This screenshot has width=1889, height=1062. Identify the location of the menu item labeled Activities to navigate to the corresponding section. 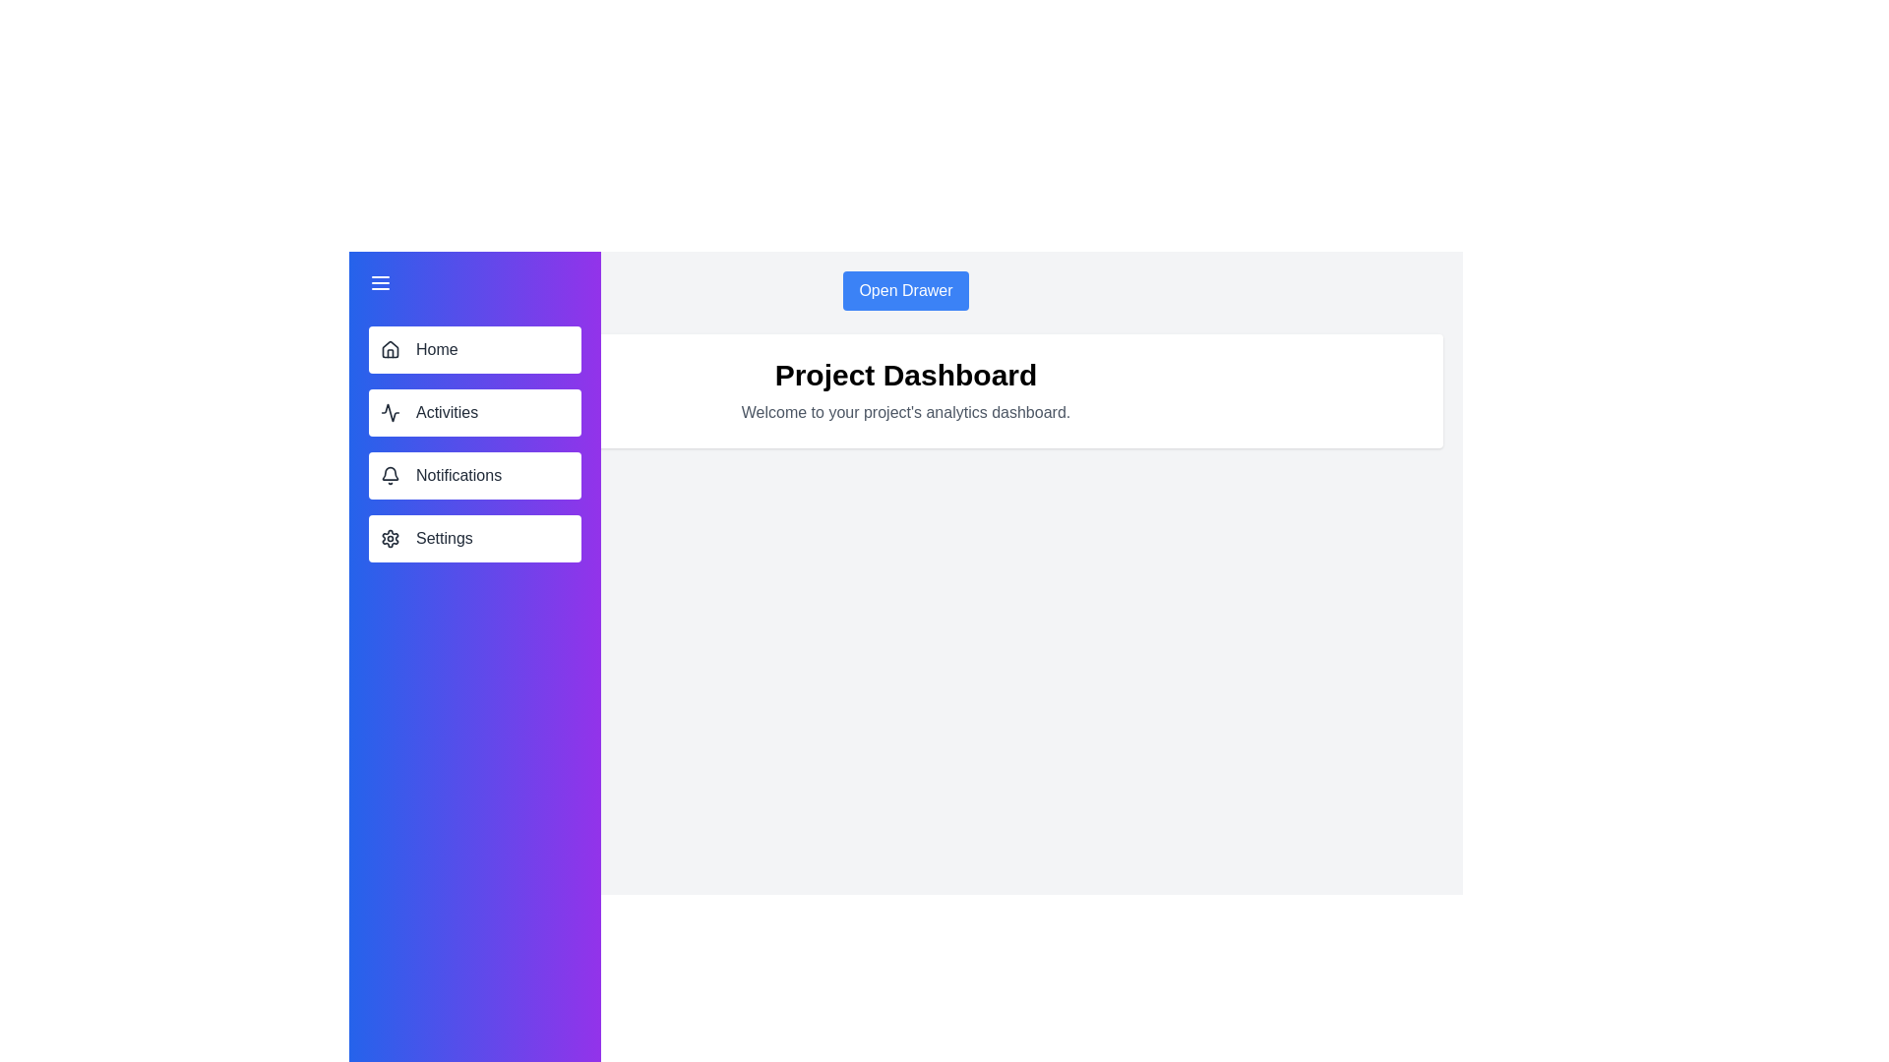
(475, 412).